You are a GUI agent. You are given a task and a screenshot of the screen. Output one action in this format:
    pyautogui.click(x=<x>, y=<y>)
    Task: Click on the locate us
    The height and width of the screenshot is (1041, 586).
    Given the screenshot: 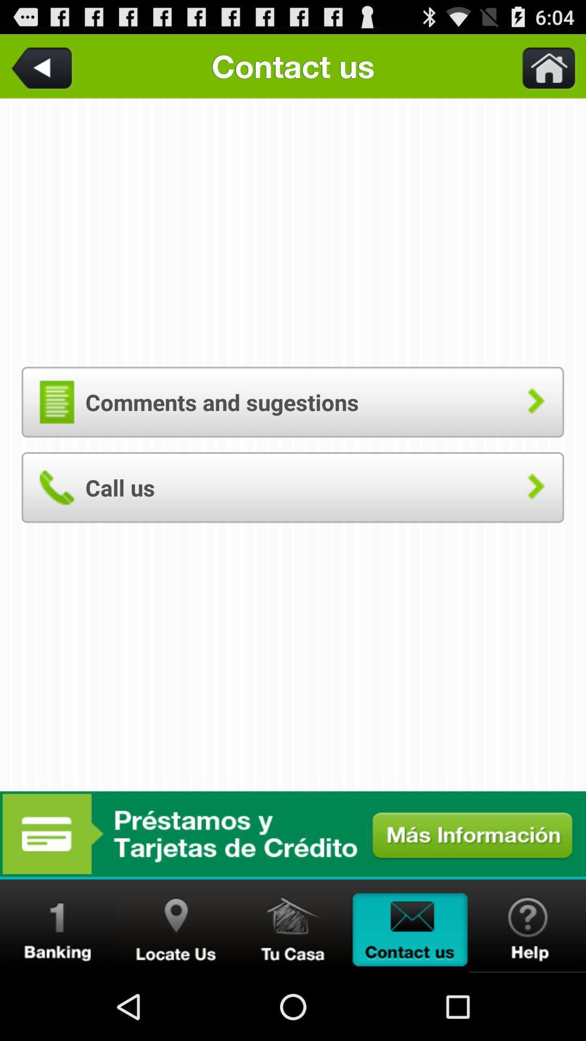 What is the action you would take?
    pyautogui.click(x=175, y=926)
    